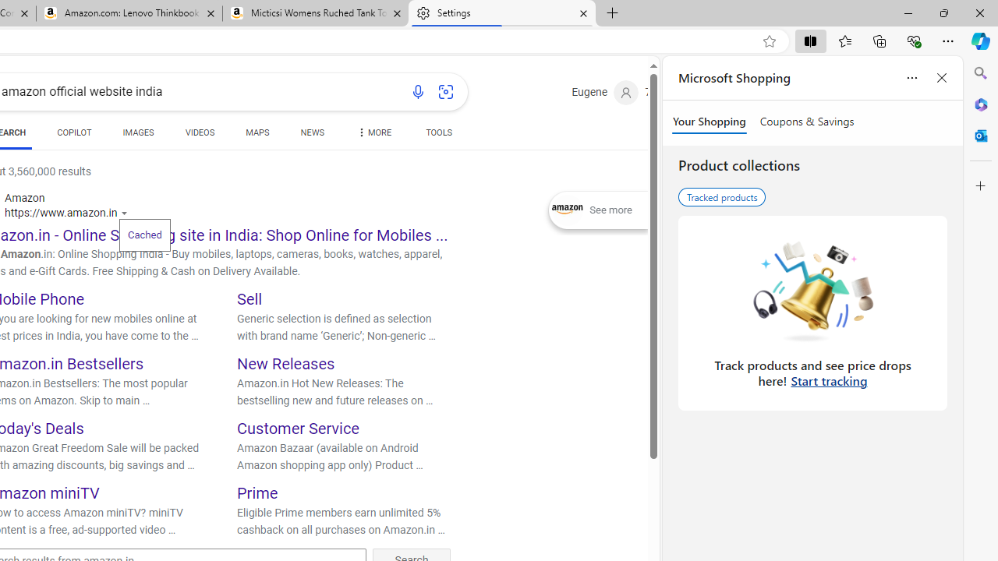 The width and height of the screenshot is (998, 561). Describe the element at coordinates (372, 134) in the screenshot. I see `'MORE'` at that location.